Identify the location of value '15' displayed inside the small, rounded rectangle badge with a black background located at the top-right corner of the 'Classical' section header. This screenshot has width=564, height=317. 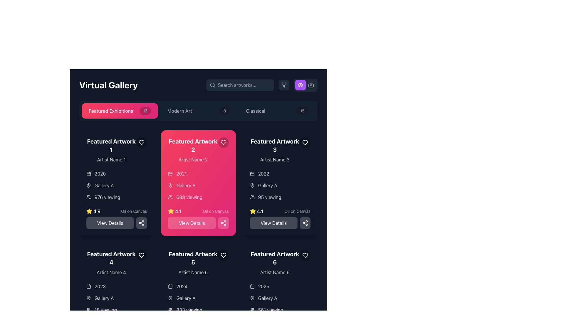
(302, 111).